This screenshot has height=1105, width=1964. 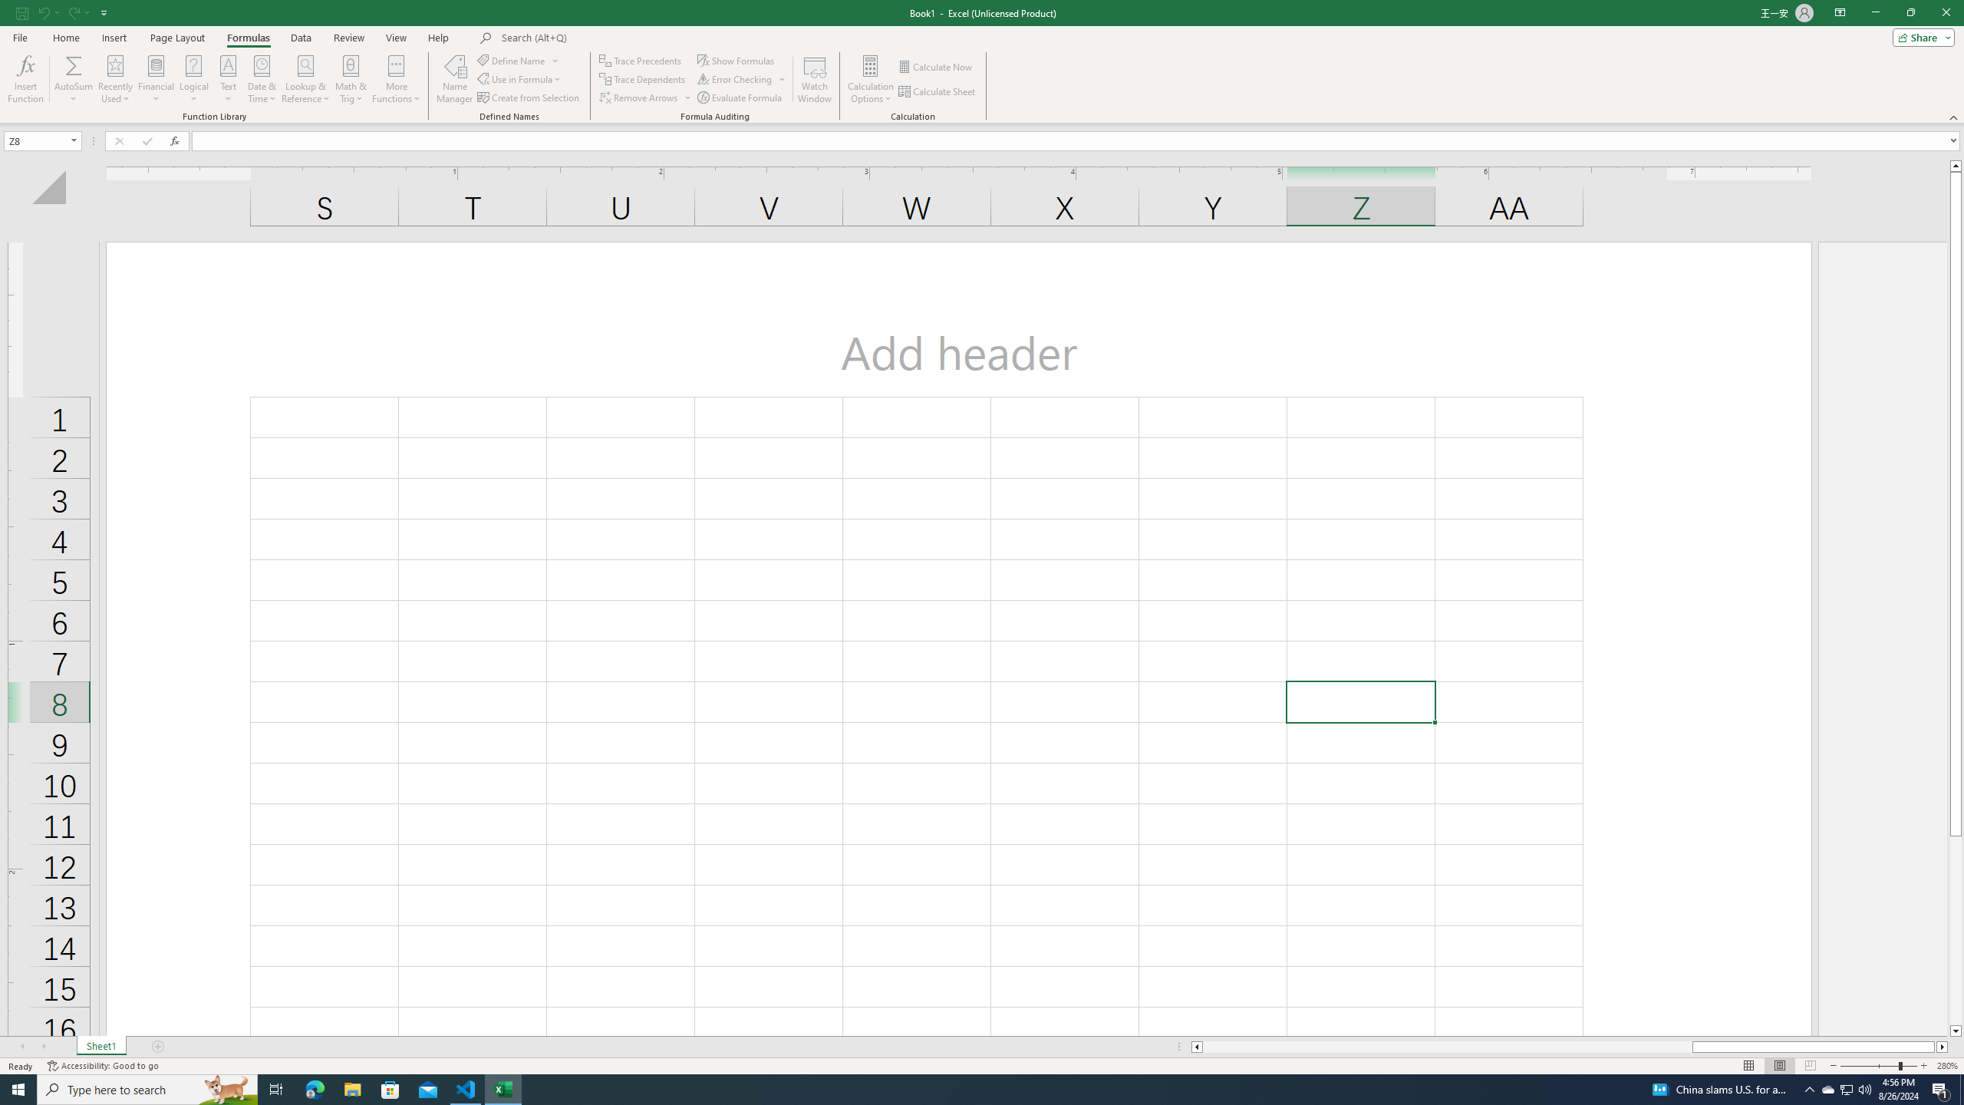 What do you see at coordinates (814, 79) in the screenshot?
I see `'Watch Window'` at bounding box center [814, 79].